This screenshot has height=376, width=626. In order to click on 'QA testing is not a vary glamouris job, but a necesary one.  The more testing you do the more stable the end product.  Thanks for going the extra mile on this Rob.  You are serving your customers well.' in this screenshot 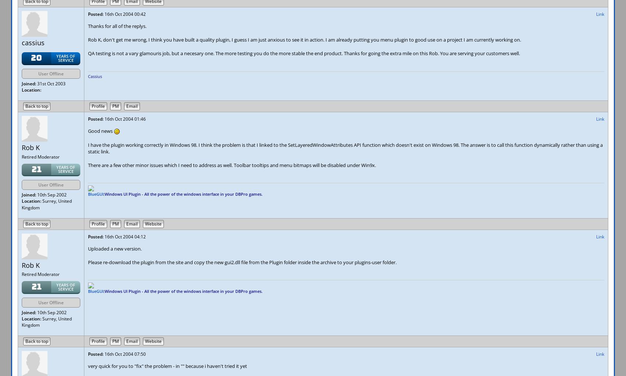, I will do `click(303, 53)`.